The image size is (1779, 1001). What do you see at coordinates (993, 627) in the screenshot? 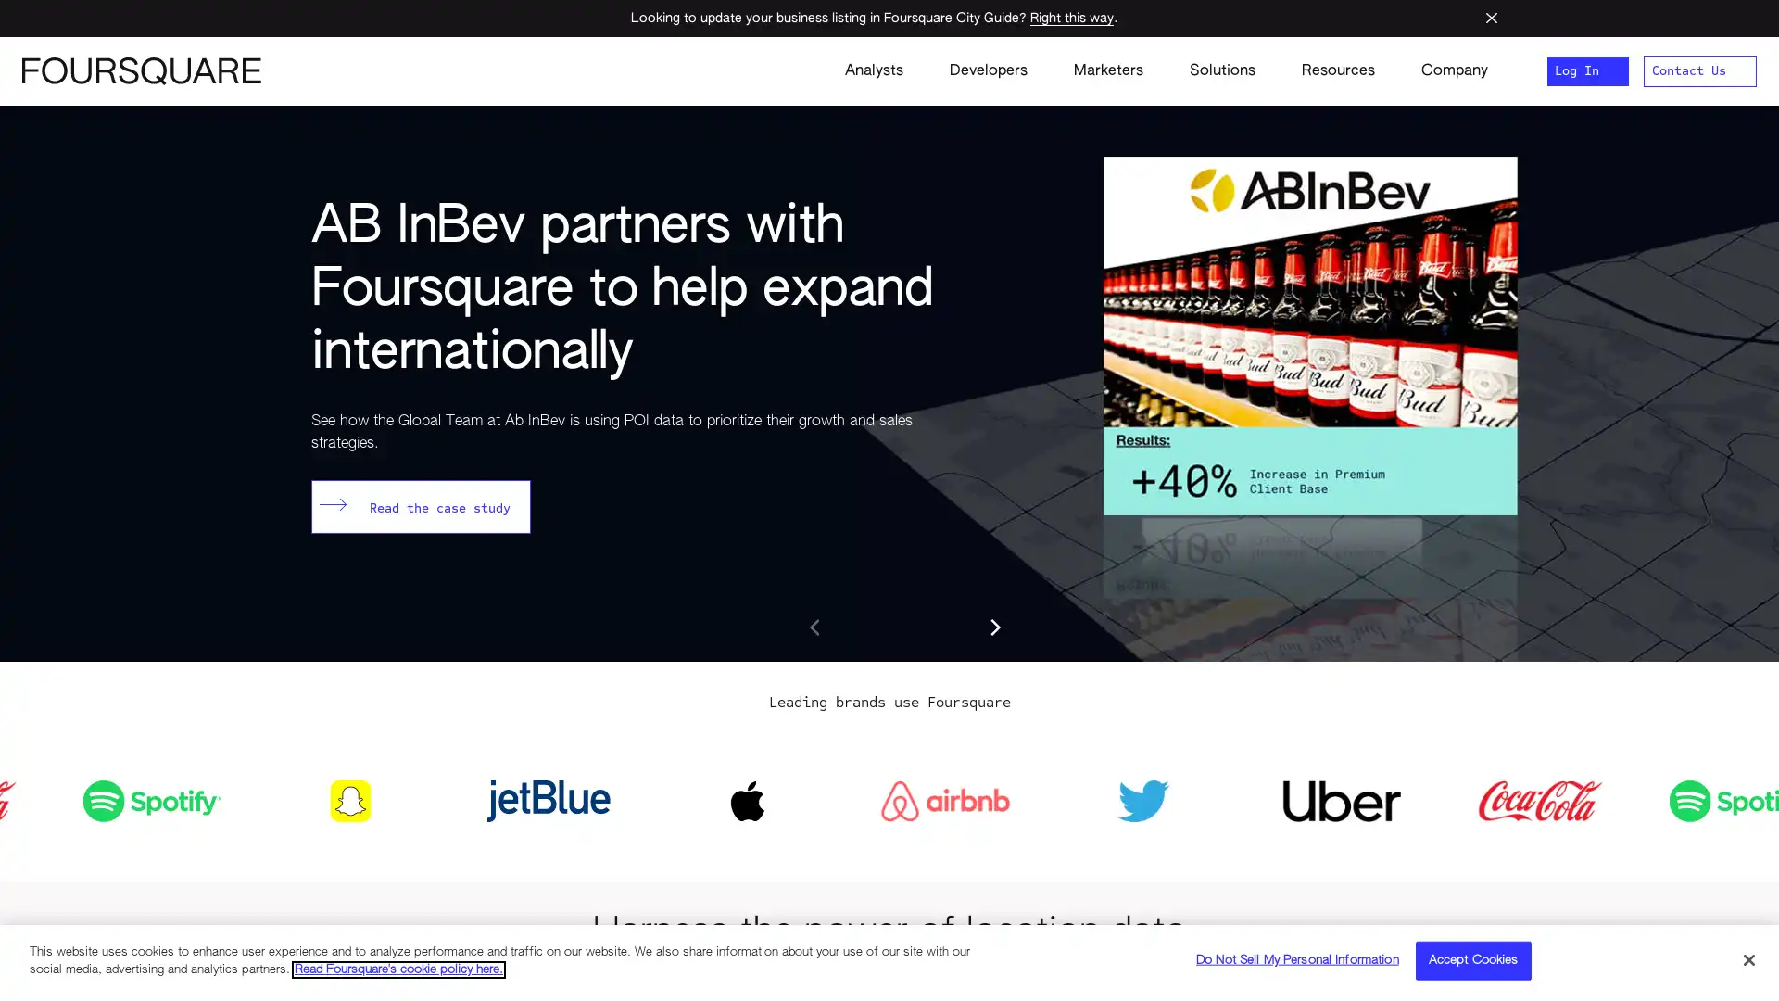
I see `Next` at bounding box center [993, 627].